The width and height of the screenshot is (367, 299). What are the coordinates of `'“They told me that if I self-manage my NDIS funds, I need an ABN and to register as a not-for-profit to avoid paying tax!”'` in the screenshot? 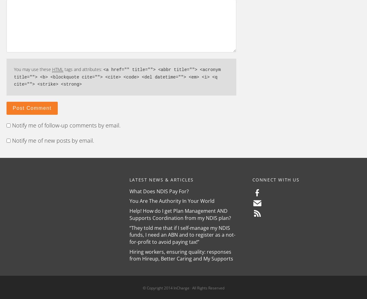 It's located at (182, 234).